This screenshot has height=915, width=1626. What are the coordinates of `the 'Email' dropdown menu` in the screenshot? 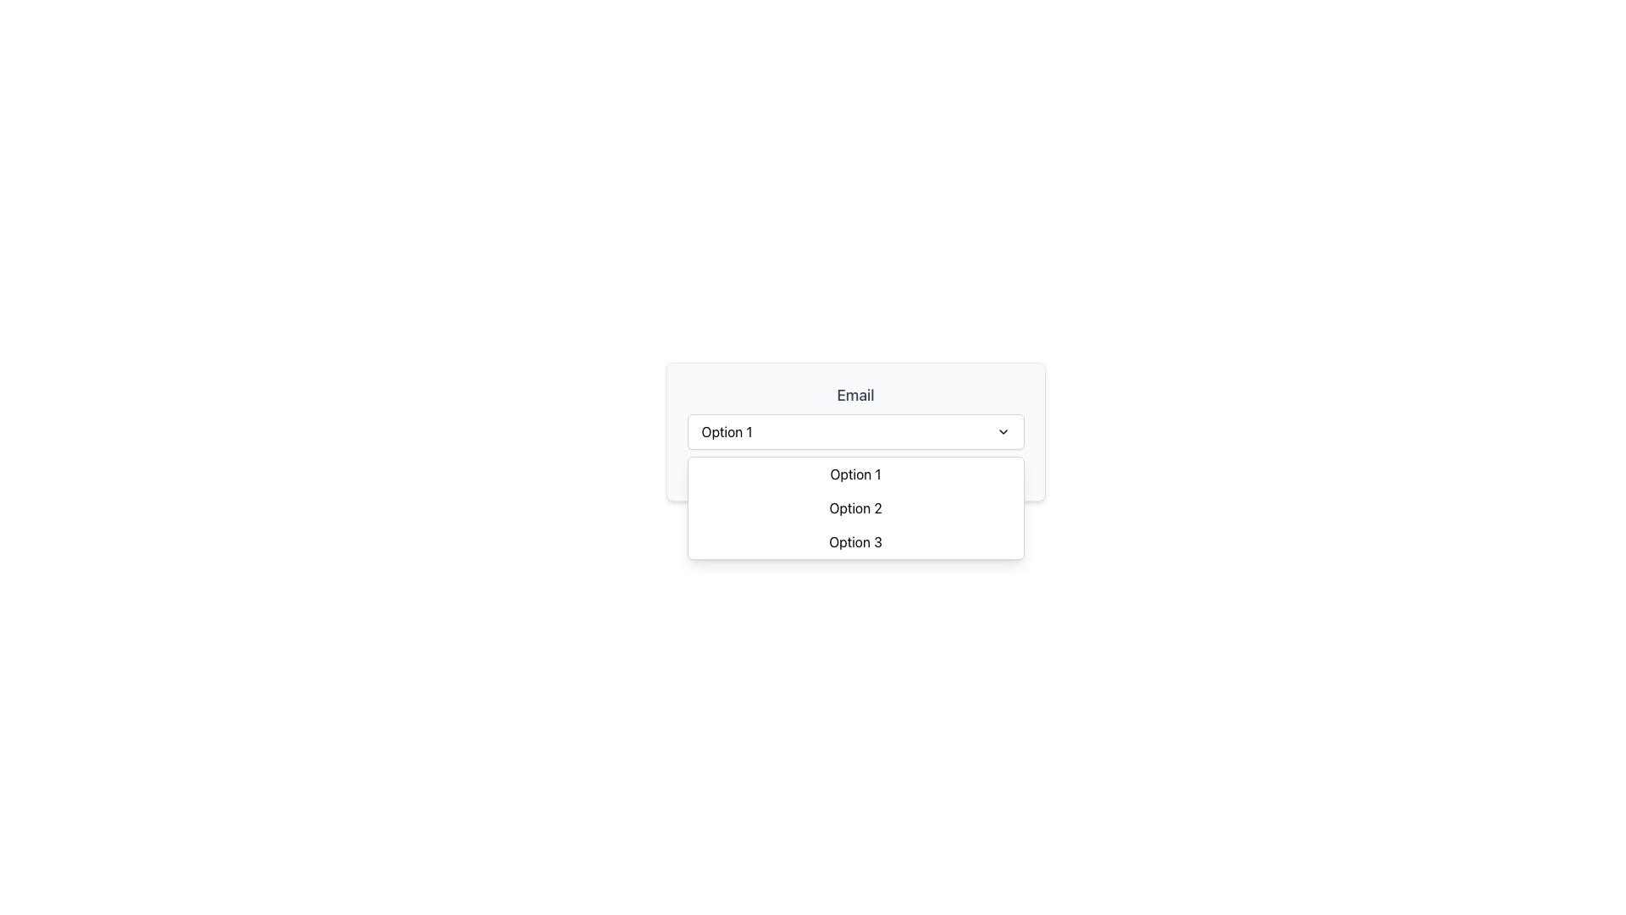 It's located at (855, 430).